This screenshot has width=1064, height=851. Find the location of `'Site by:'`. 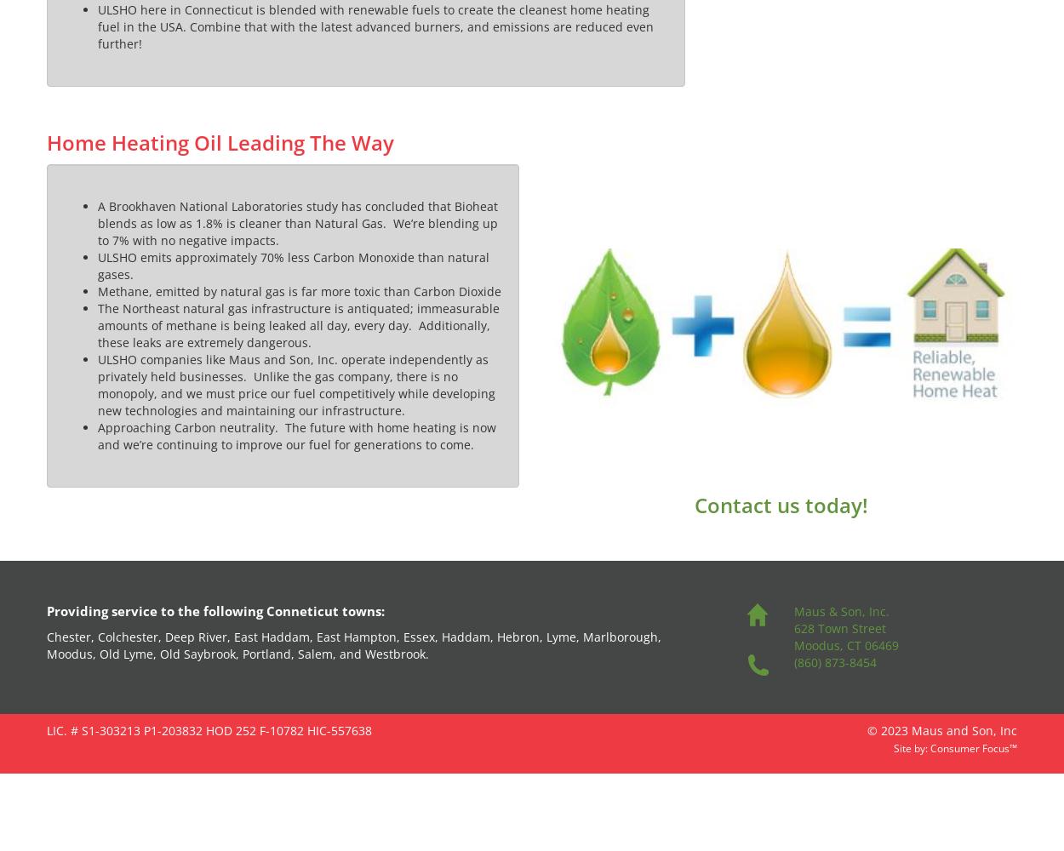

'Site by:' is located at coordinates (894, 747).